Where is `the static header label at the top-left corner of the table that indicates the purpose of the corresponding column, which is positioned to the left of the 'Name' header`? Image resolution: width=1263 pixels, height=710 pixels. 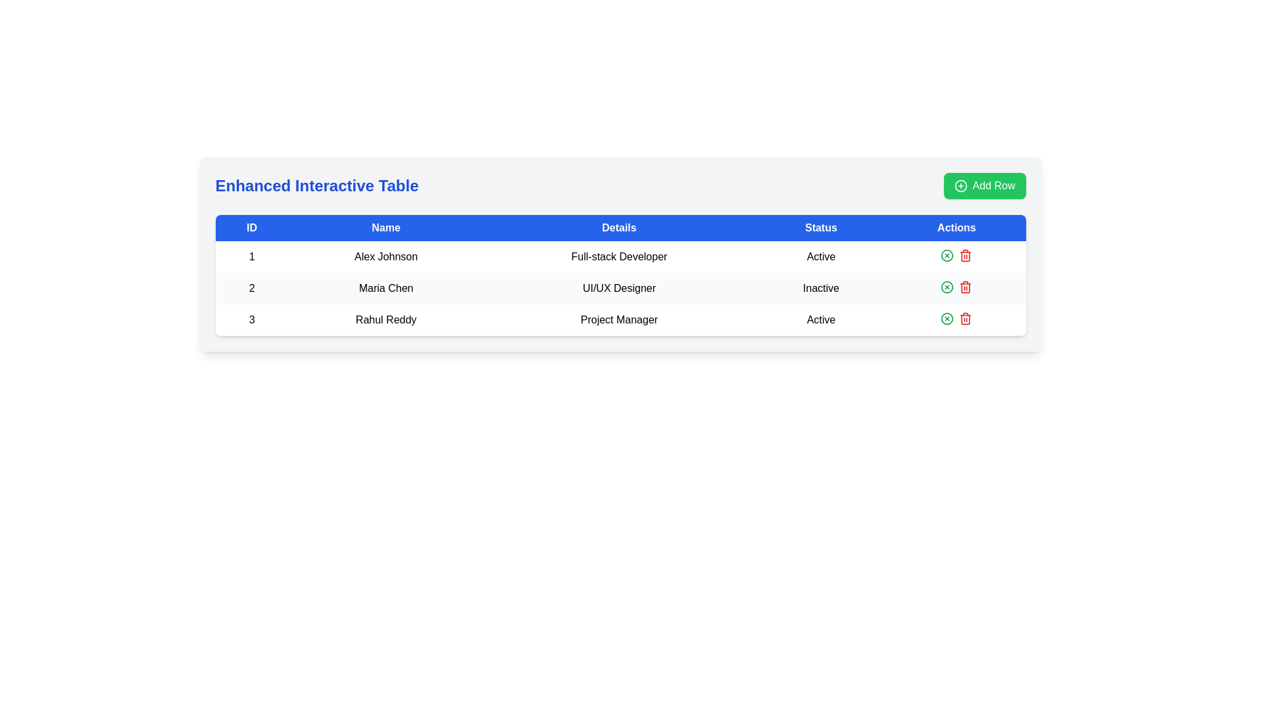 the static header label at the top-left corner of the table that indicates the purpose of the corresponding column, which is positioned to the left of the 'Name' header is located at coordinates (252, 227).